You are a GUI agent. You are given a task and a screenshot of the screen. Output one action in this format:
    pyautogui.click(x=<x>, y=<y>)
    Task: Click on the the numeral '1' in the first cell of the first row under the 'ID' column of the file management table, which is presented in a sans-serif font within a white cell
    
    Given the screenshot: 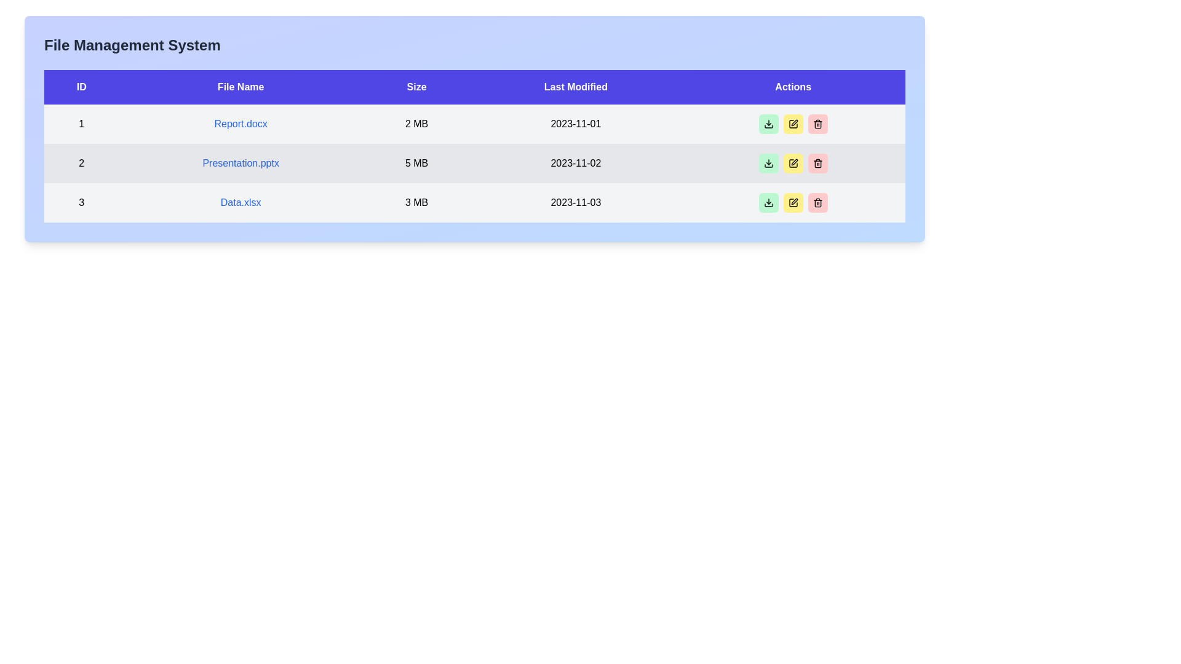 What is the action you would take?
    pyautogui.click(x=81, y=124)
    